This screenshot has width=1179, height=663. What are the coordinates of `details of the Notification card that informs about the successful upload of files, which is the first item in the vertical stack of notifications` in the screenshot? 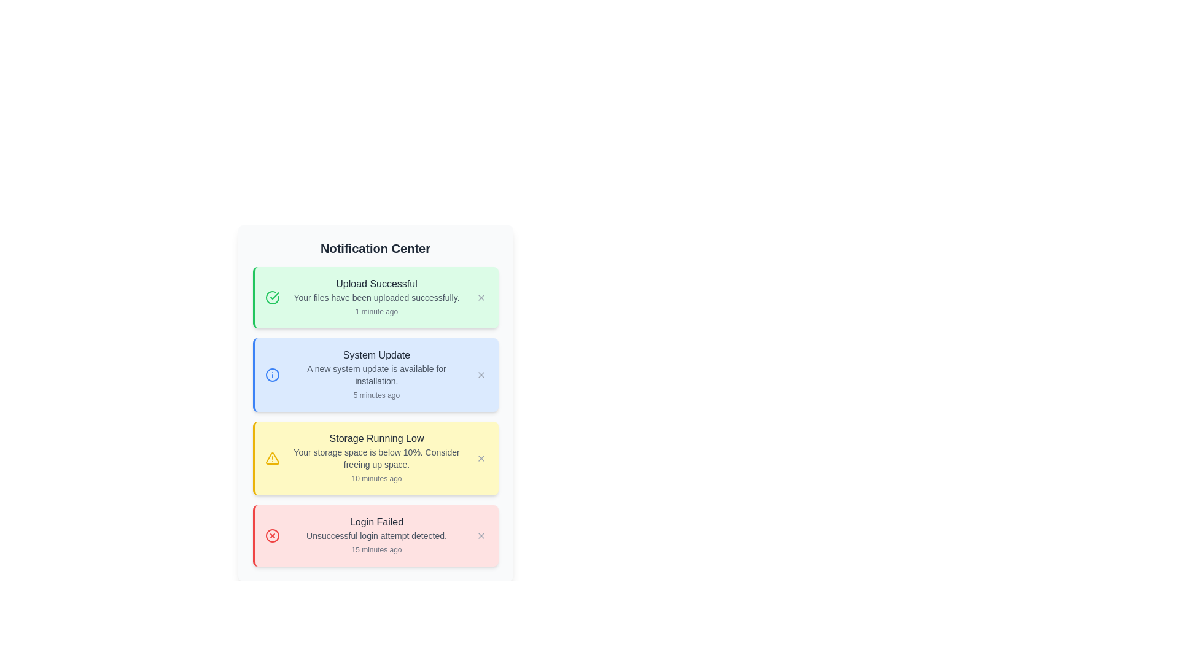 It's located at (375, 298).